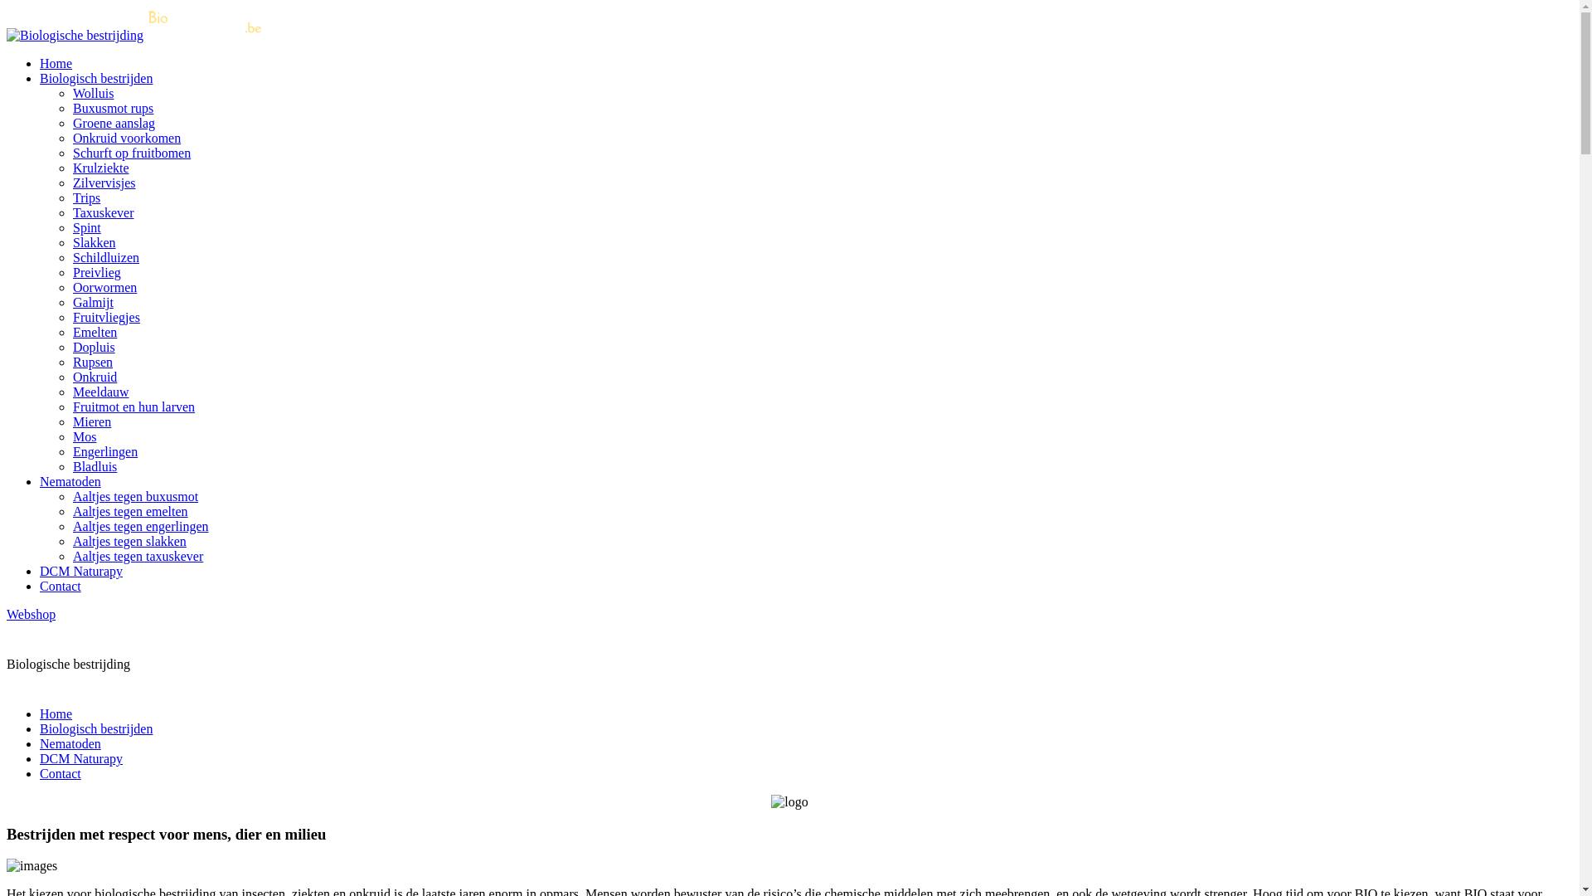  I want to click on 'Wolluis', so click(71, 93).